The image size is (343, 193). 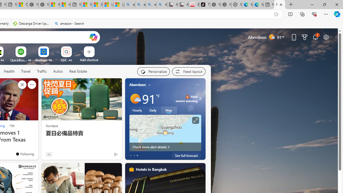 I want to click on 'Class: icon-img', so click(x=197, y=169).